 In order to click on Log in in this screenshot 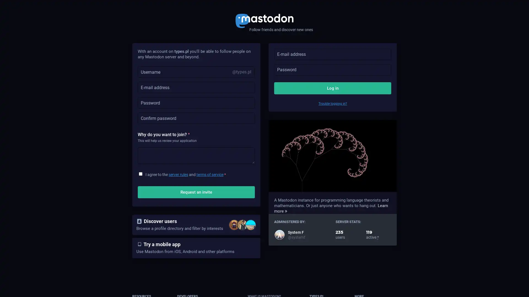, I will do `click(332, 88)`.